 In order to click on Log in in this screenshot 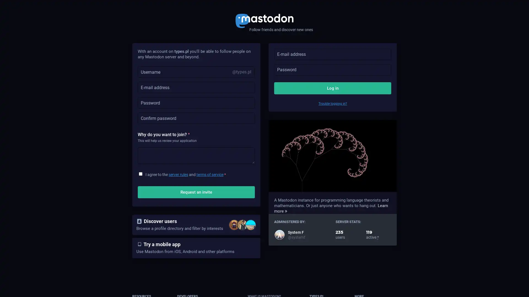, I will do `click(332, 88)`.